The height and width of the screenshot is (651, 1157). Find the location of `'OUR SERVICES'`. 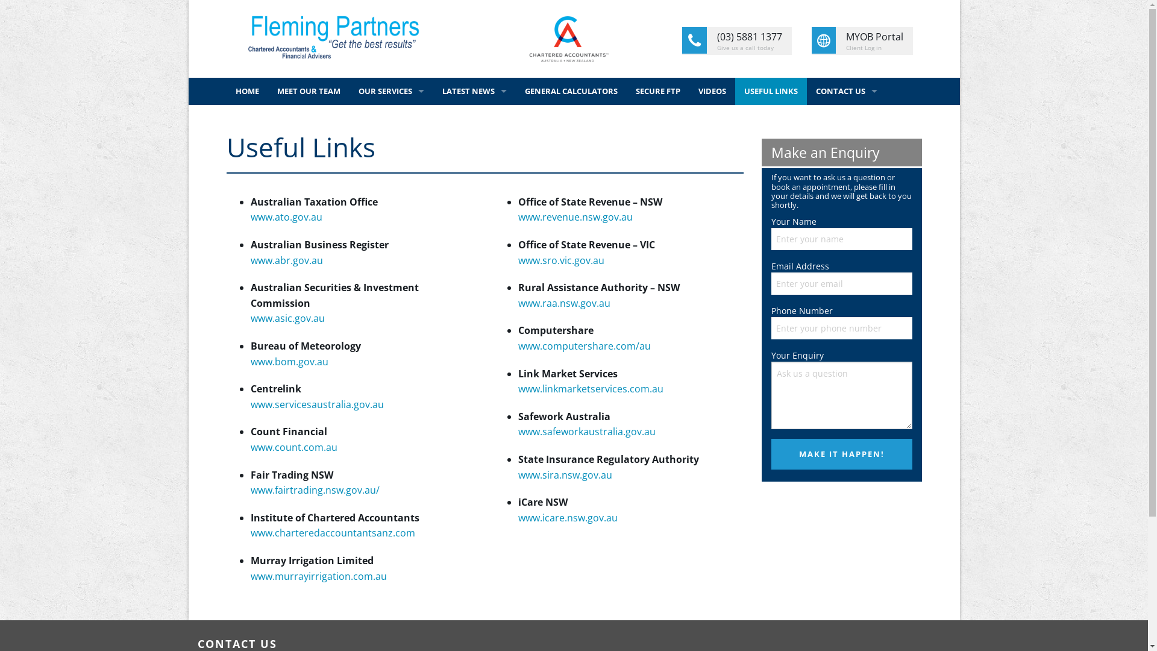

'OUR SERVICES' is located at coordinates (391, 90).